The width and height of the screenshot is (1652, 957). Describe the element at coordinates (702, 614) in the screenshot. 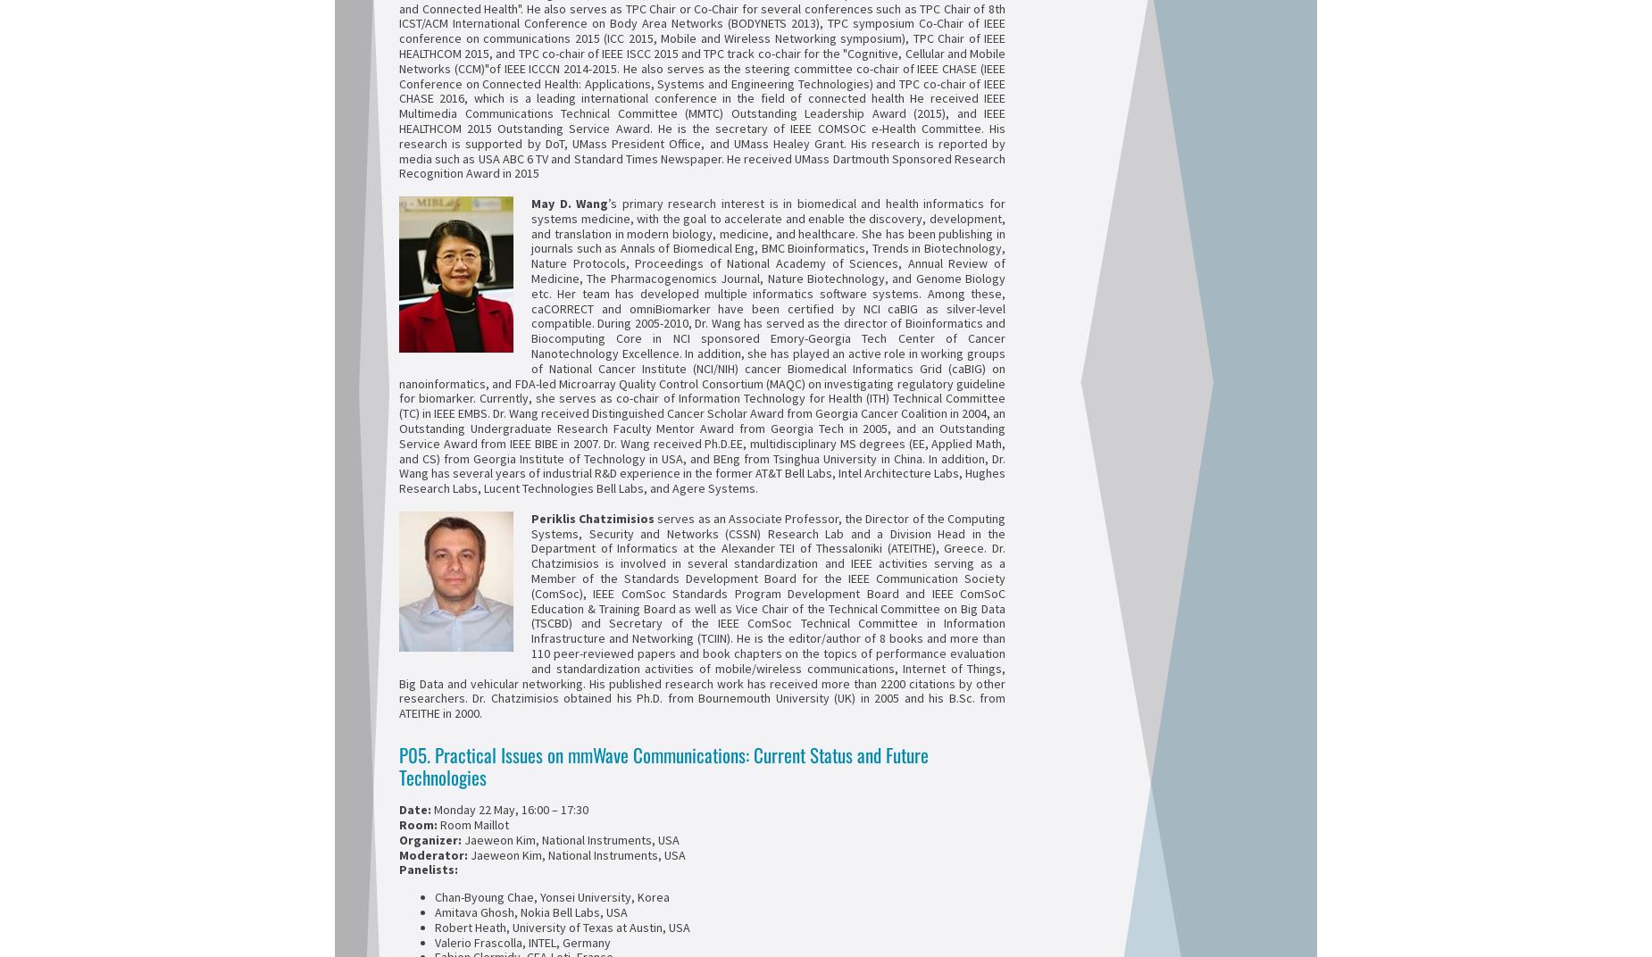

I see `'serves as an Associate Professor, the Director of the Computing Systems, Security and Networks (CSSN) Research Lab and a Division Head in the Department of Informatics at the Alexander TEI of Thessaloniki (ATEITHE), Greece. Dr. Chatzimisios is involved in several standardization and IEEE activities serving as a Member of the Standards Development Board for the IEEE Communication Society (ComSoc), IEEE ComSoc Standards Program Development Board and IEEE ComSoC Education & Training Board as well as Vice Chair of the Technical Committee on Big Data (TSCBD) and Secretary of the IEEE ComSoc Technical Committee in Information Infrastructure and Networking (TCIIN). He is the editor/author of 8 books and more than 110 peer-reviewed papers and book chapters on the topics of performance evaluation and standardization activities of mobile/wireless communications, Internet of Things, Big Data and vehicular networking. His published research work has received more than 2200 citations by other researchers. Dr. Chatzimisios obtained his Ph.D. from Bournemouth University (UK) in 2005 and his B.Sc. from ATEITHE in 2000.'` at that location.